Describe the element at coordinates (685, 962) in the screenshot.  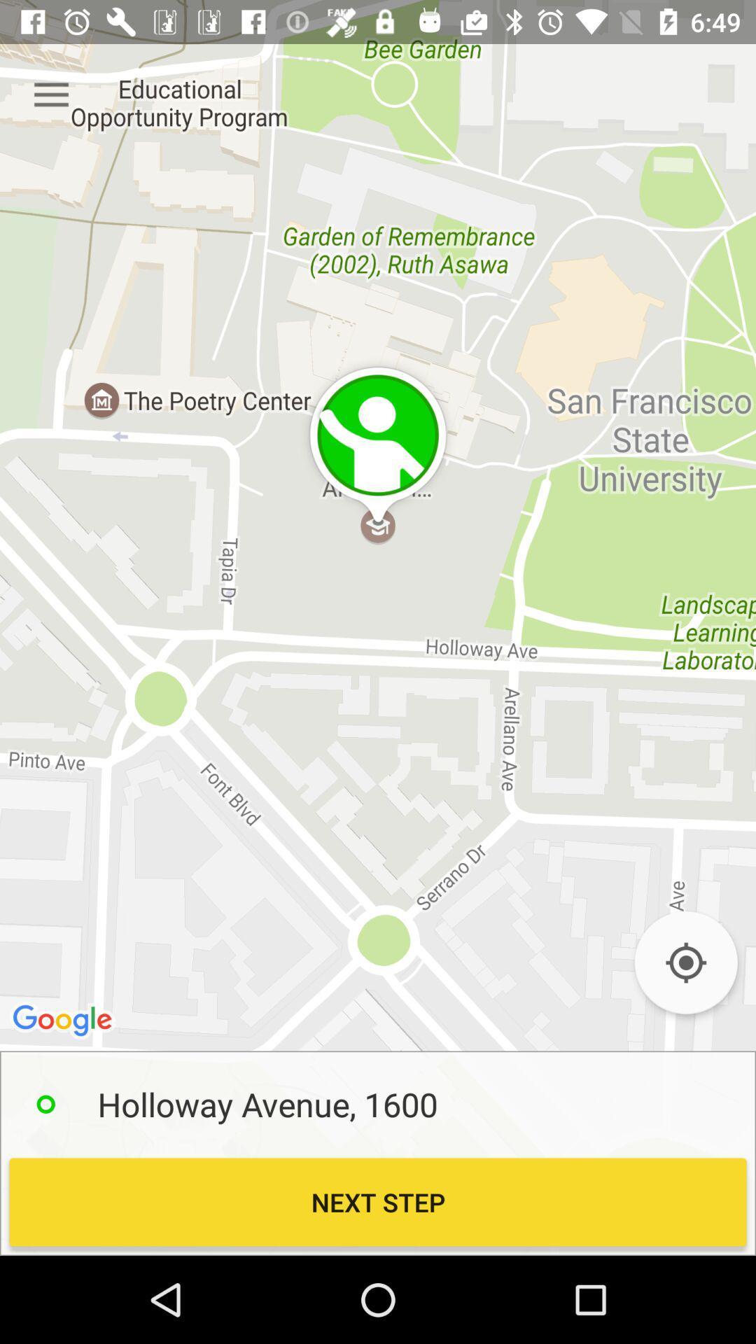
I see `previous` at that location.